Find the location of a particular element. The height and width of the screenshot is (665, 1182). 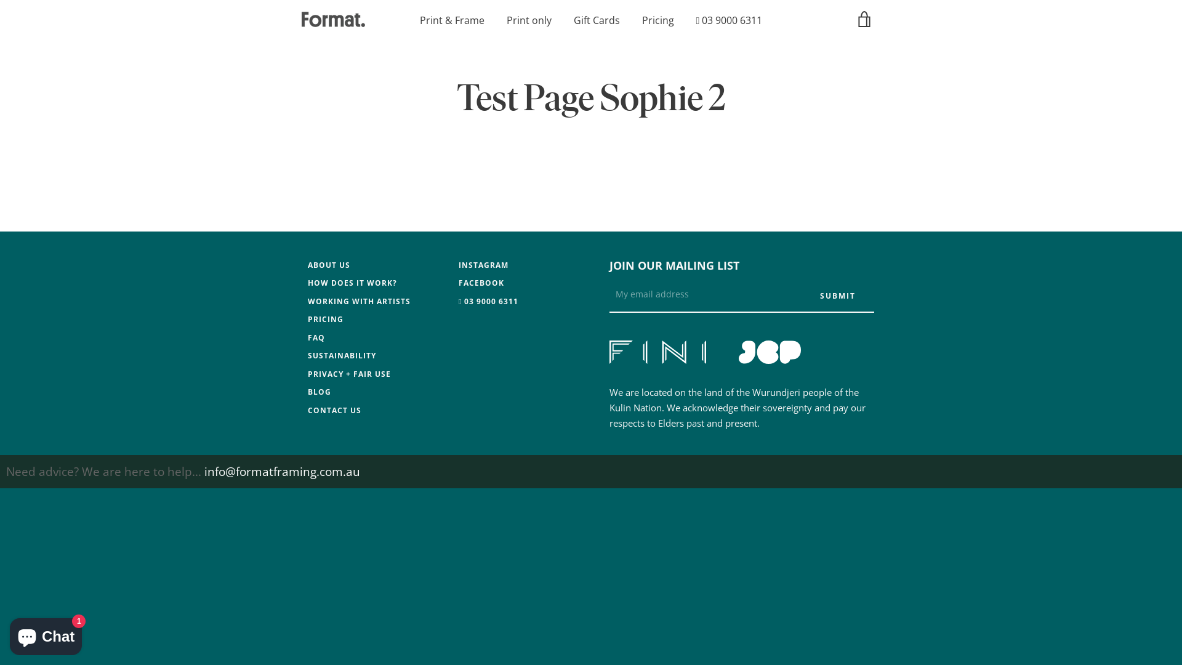

'HOW DOES IT WORK?' is located at coordinates (352, 283).